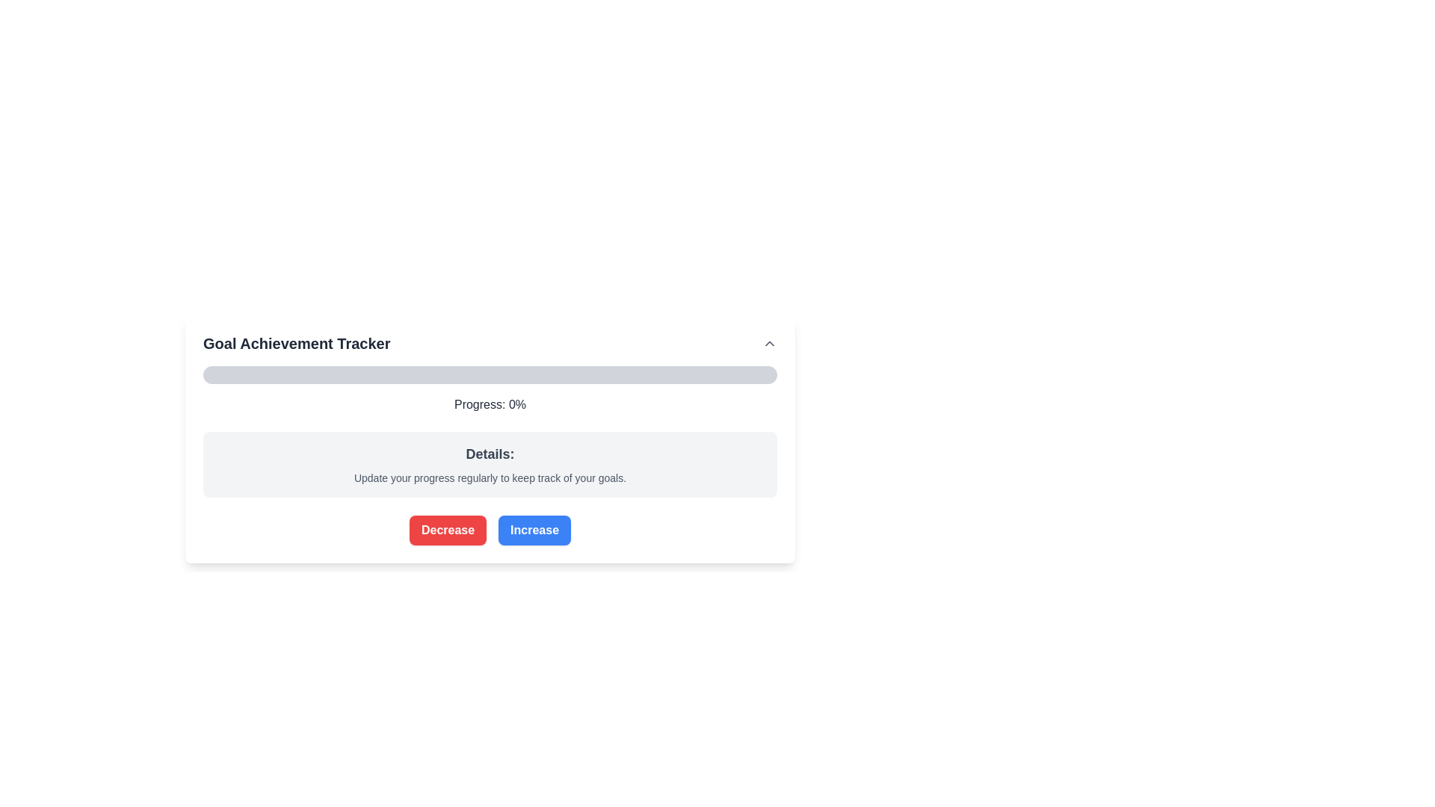  I want to click on the Progress Bar located in the 'Goal Achievement Tracker' section, which is a horizontally elongated gray bar with a green part indicating progress, so click(490, 374).